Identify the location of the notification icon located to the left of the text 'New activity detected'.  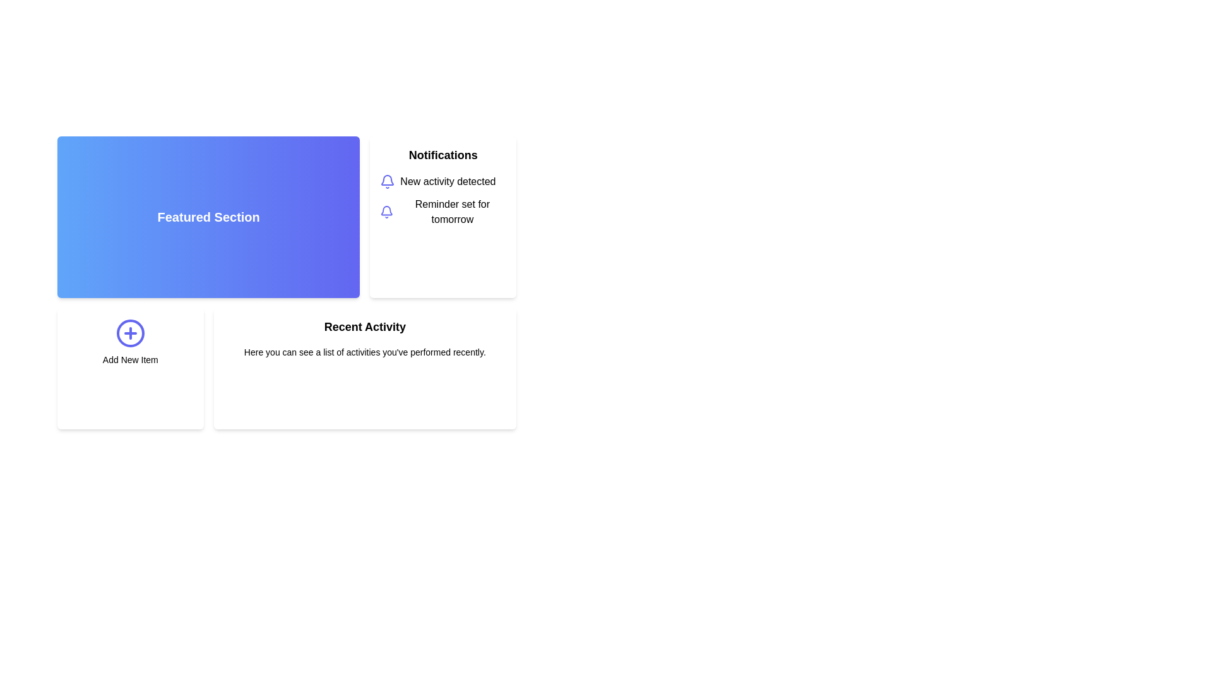
(387, 182).